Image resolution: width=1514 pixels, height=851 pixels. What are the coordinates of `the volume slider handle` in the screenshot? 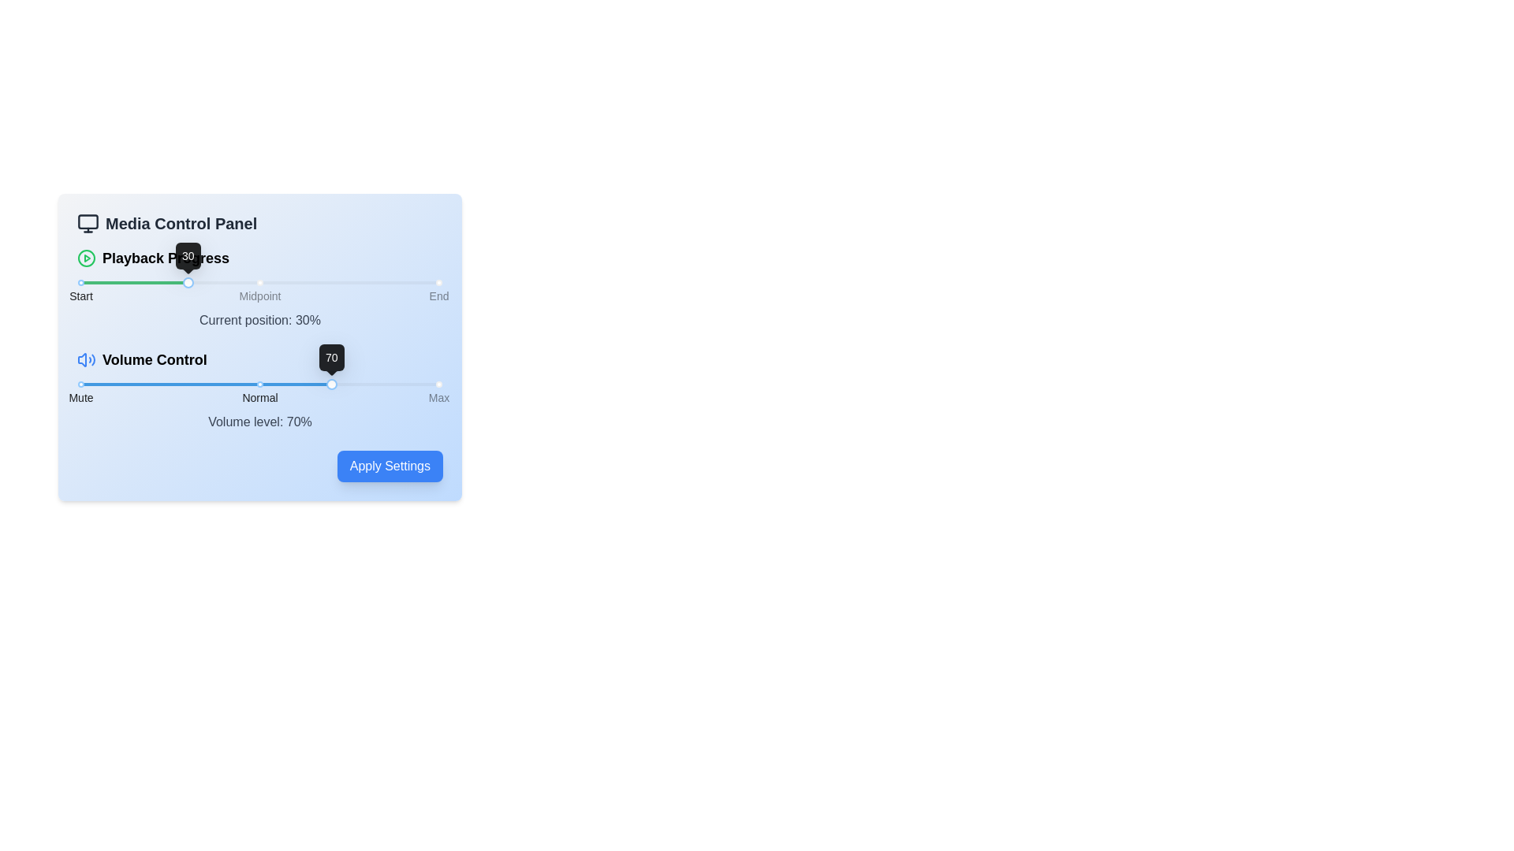 It's located at (330, 385).